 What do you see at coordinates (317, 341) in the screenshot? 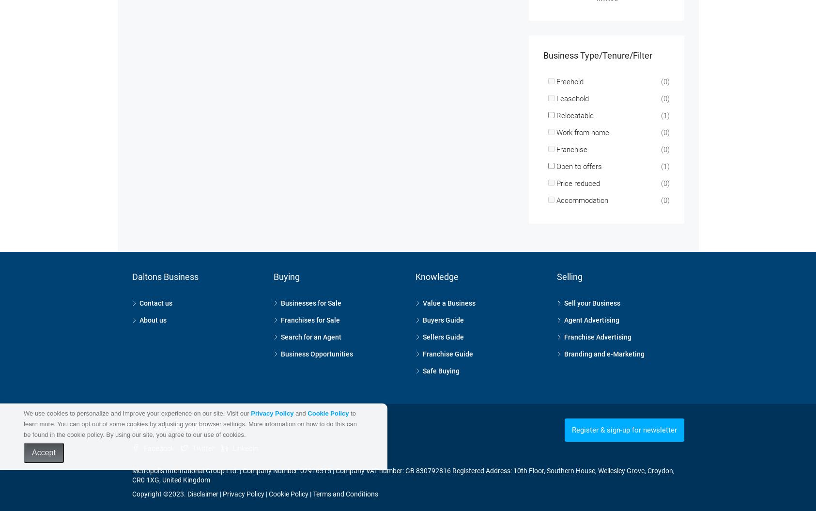
I see `'Business Opportunities'` at bounding box center [317, 341].